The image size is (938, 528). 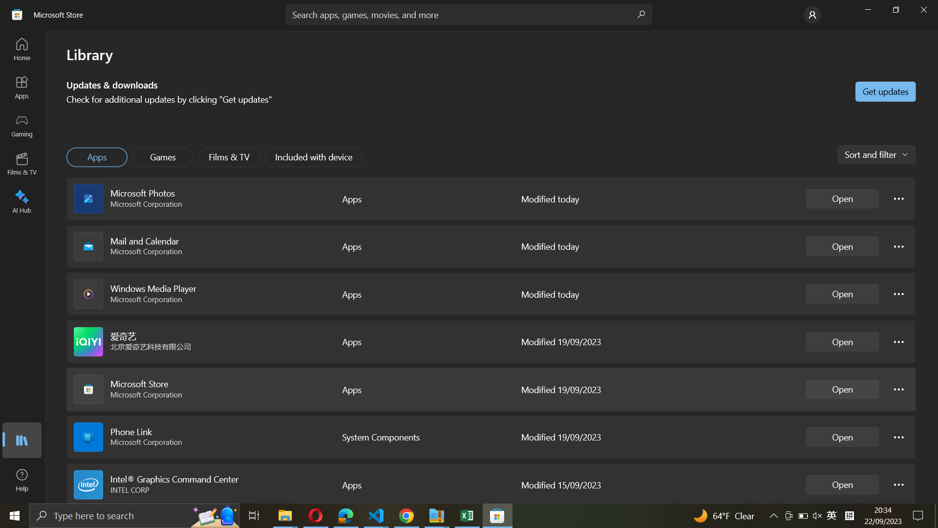 What do you see at coordinates (898, 484) in the screenshot?
I see `the Intel Graphics settings` at bounding box center [898, 484].